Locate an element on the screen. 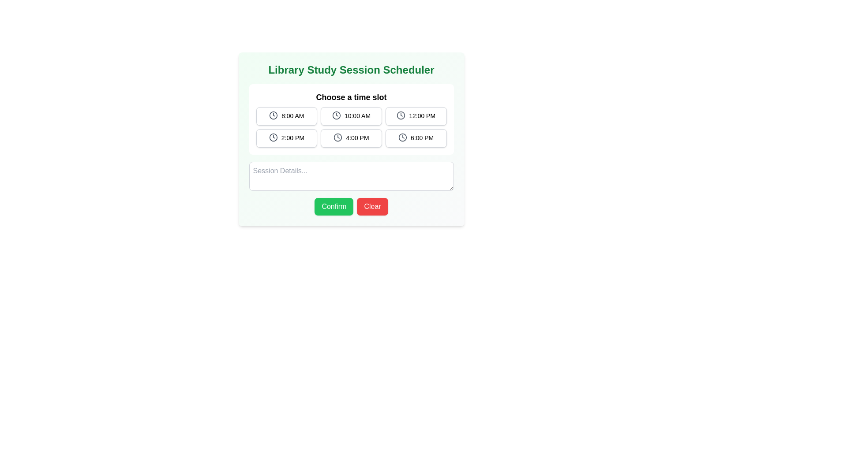 This screenshot has height=476, width=847. the time slot button labeled '10:00 AM', which is a clickable rounded rectangle with a clock icon is located at coordinates (351, 115).